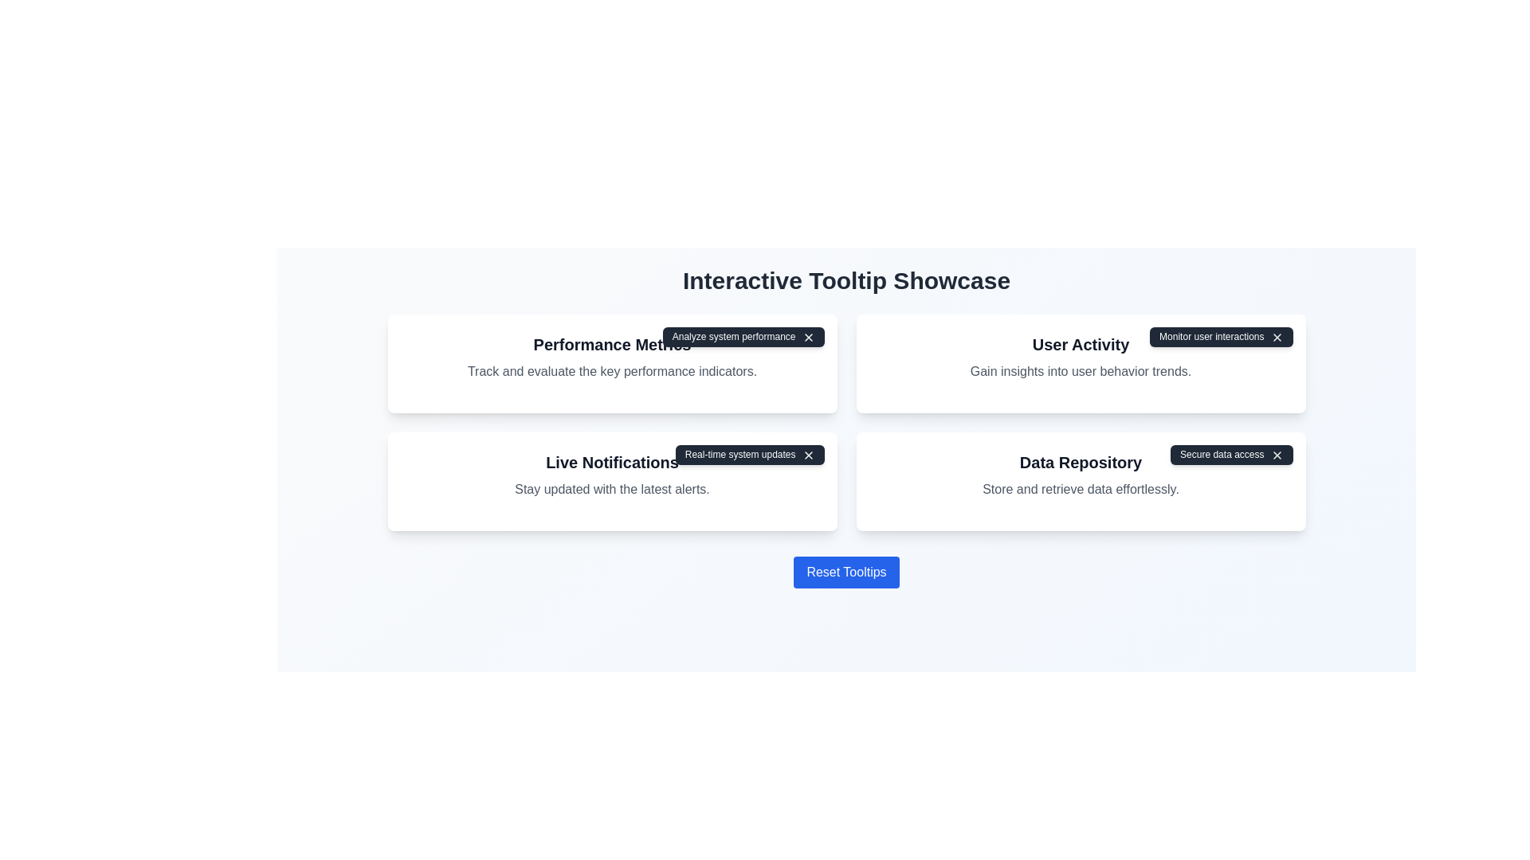  What do you see at coordinates (611, 363) in the screenshot?
I see `the 'Performance Metrics' informational card, which features a title in bold and a dark button labeled 'Analyze system performance' in the top right corner` at bounding box center [611, 363].